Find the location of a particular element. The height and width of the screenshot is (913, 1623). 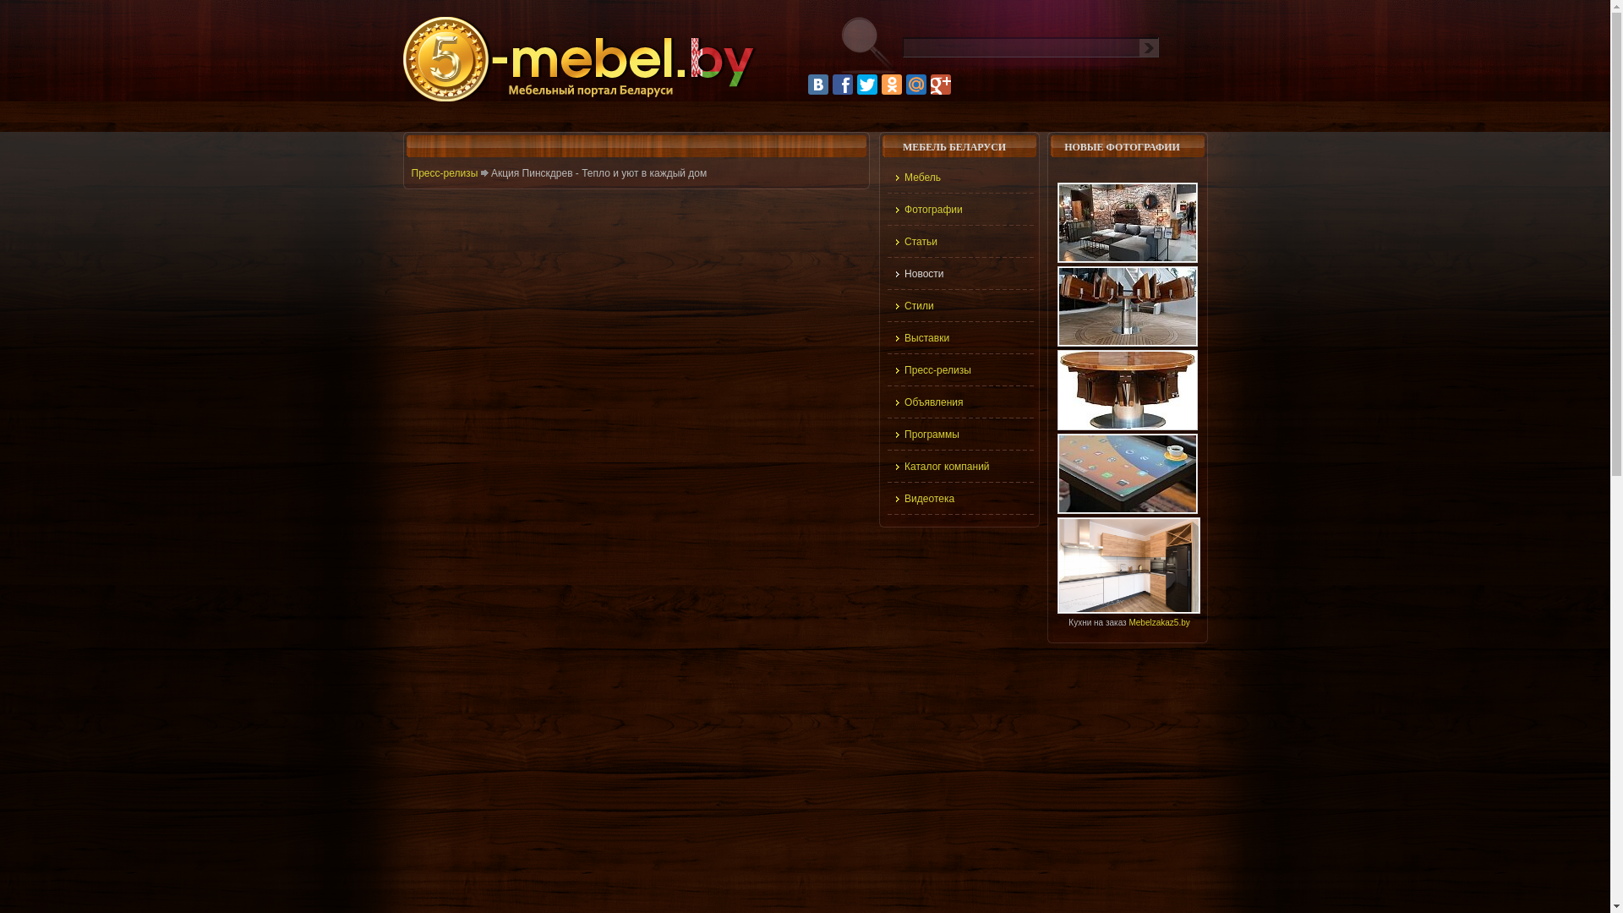

'Google Plus' is located at coordinates (940, 85).